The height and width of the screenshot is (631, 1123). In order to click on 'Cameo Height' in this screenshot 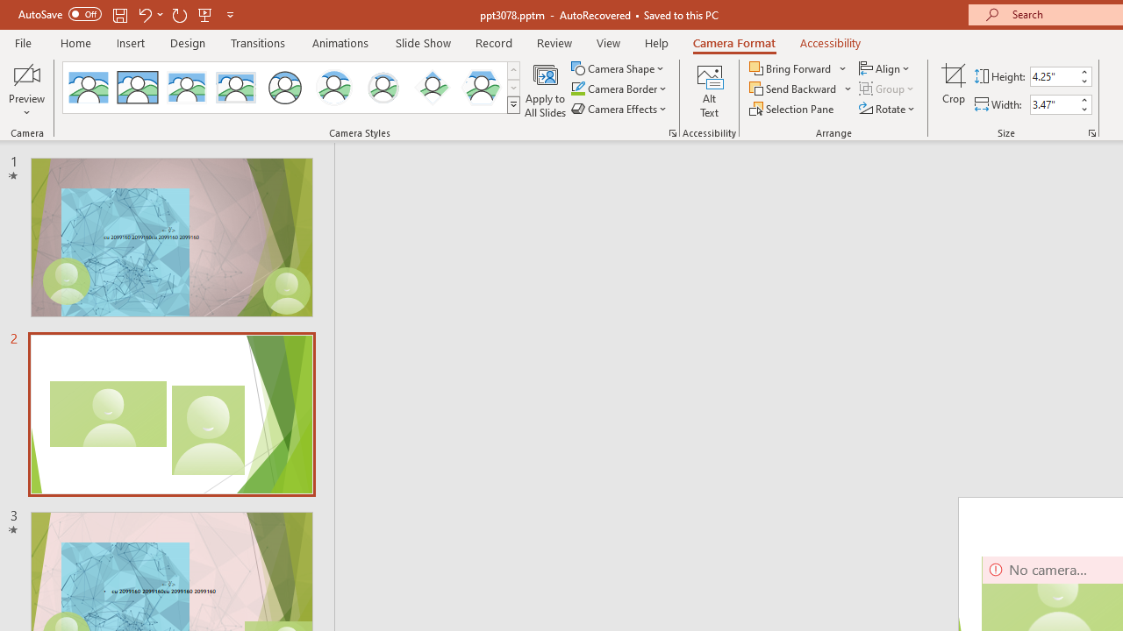, I will do `click(1053, 75)`.